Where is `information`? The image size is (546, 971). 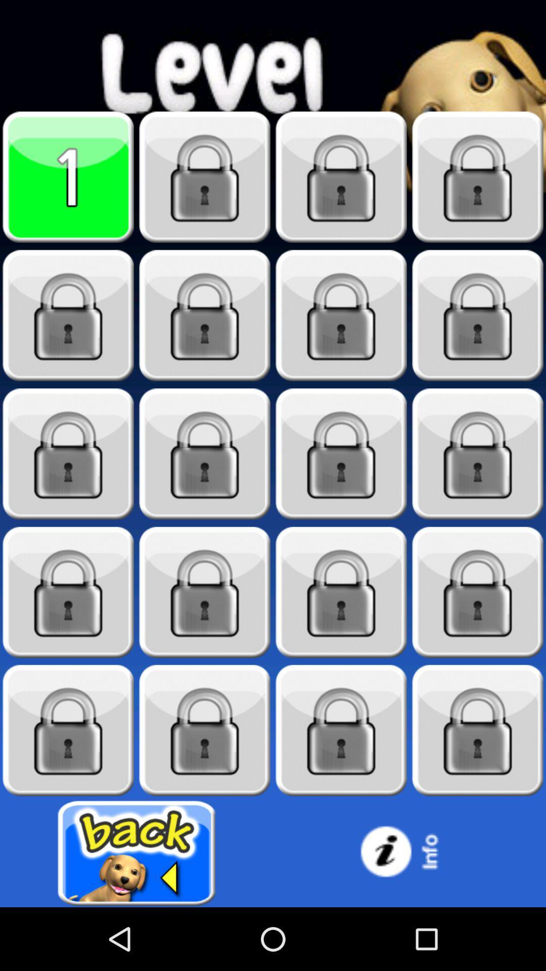
information is located at coordinates (409, 853).